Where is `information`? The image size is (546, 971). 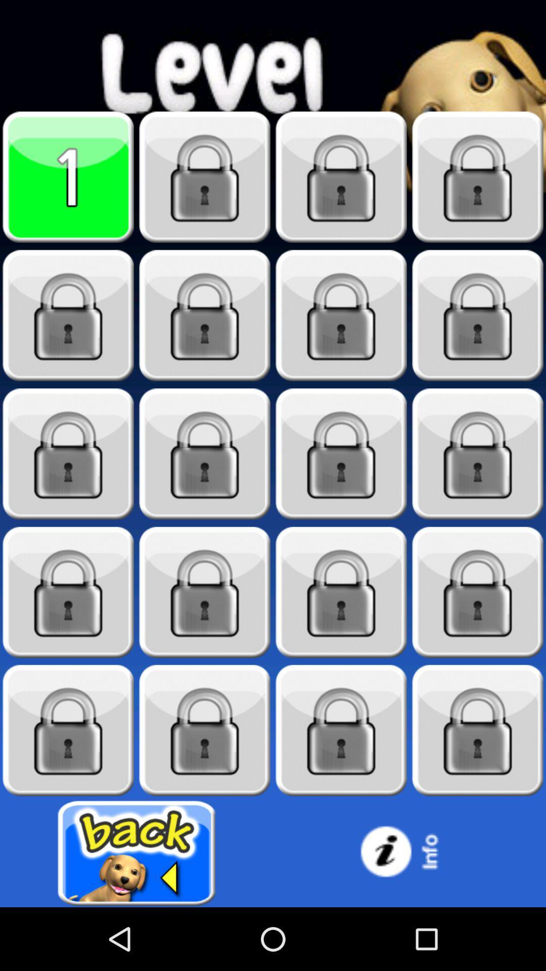
information is located at coordinates (409, 853).